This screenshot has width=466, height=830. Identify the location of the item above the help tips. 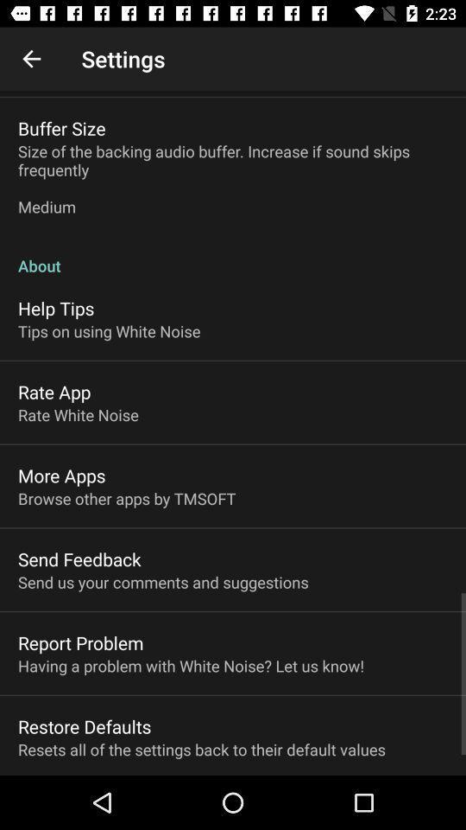
(233, 256).